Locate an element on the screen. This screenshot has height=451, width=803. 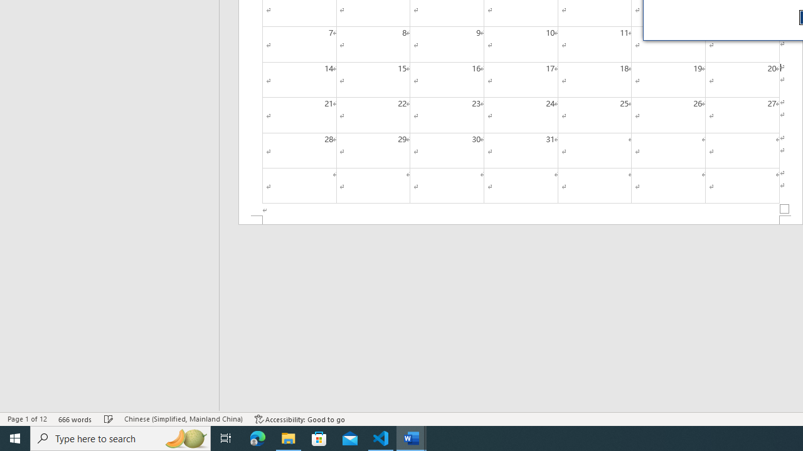
'Microsoft Store' is located at coordinates (319, 437).